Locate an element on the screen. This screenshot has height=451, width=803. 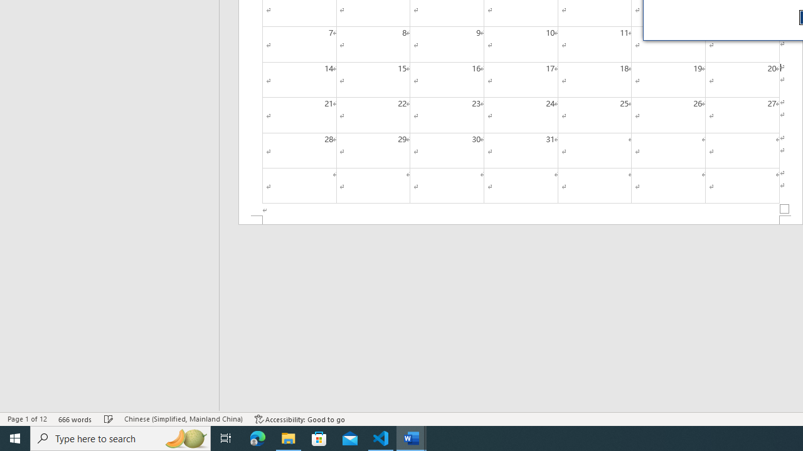
'Microsoft Store' is located at coordinates (319, 437).